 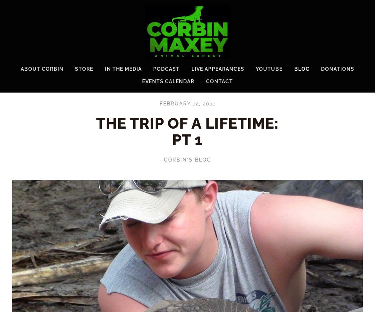 What do you see at coordinates (217, 68) in the screenshot?
I see `'Live Appearances'` at bounding box center [217, 68].